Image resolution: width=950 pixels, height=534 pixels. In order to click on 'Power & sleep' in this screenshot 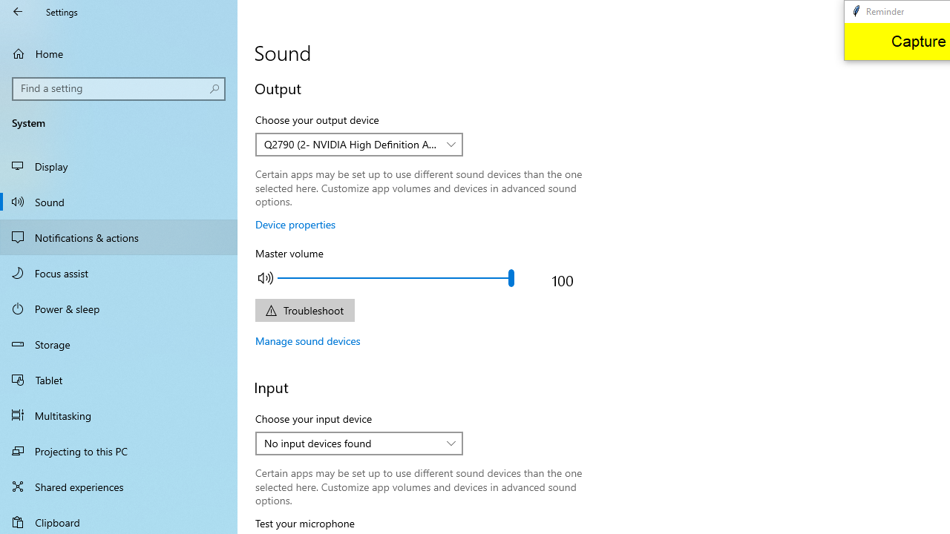, I will do `click(119, 307)`.